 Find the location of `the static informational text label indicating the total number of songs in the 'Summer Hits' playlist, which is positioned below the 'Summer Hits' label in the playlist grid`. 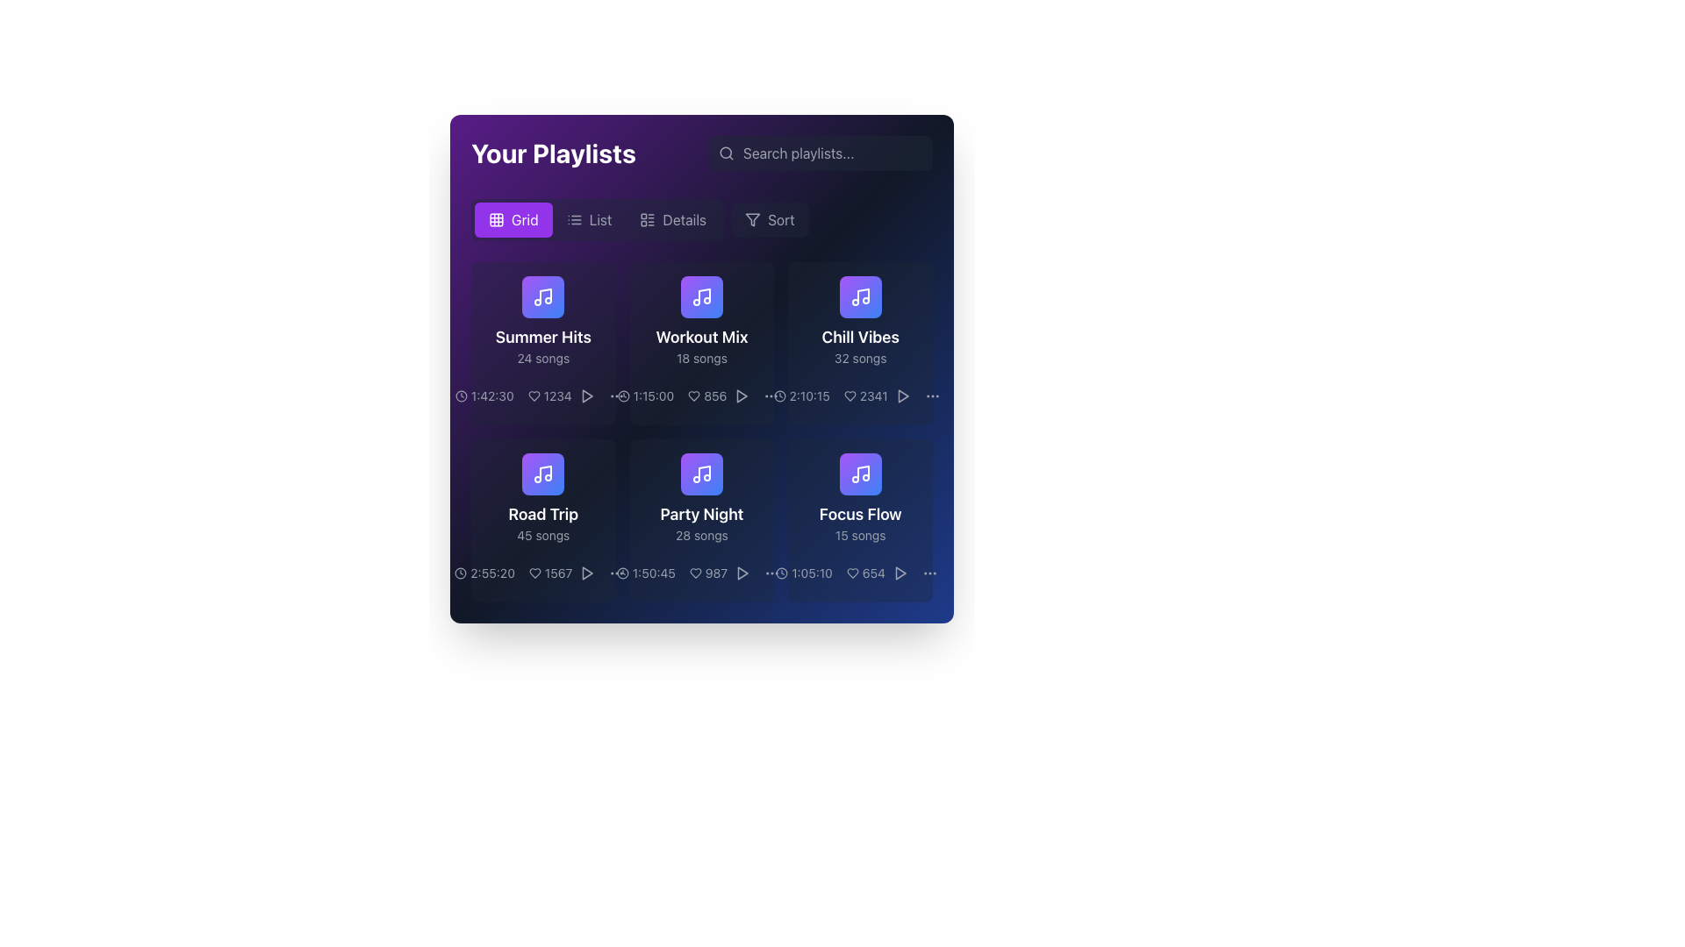

the static informational text label indicating the total number of songs in the 'Summer Hits' playlist, which is positioned below the 'Summer Hits' label in the playlist grid is located at coordinates (542, 357).